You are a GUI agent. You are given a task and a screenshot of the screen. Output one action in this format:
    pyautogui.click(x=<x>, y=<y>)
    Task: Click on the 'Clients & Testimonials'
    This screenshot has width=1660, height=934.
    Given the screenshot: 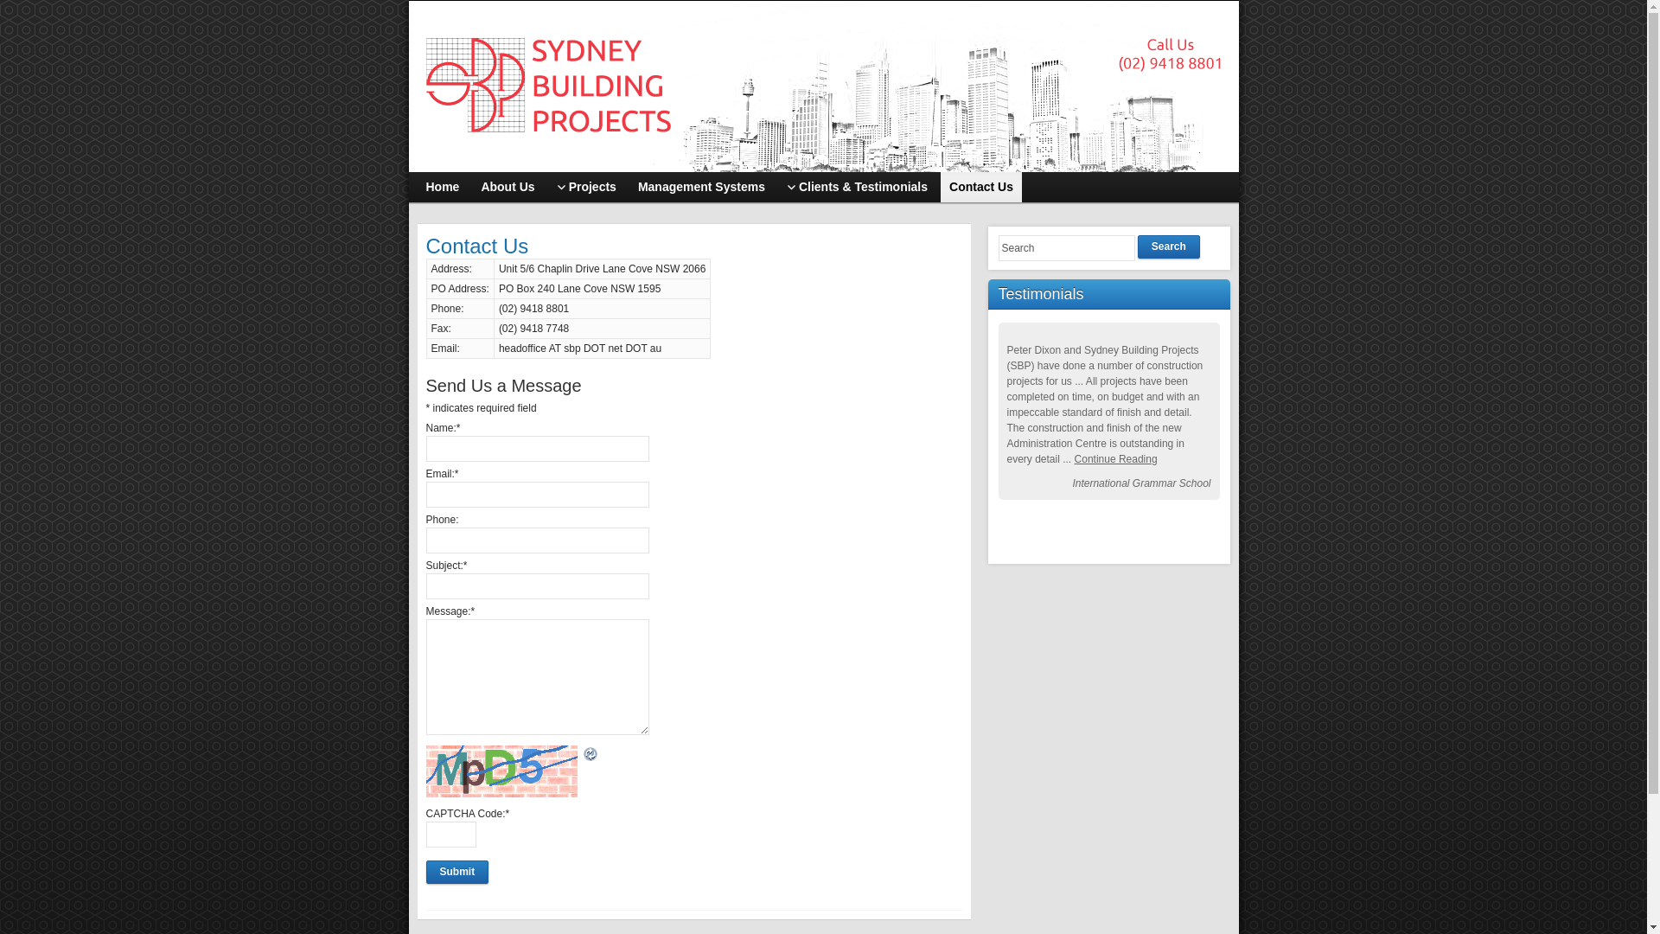 What is the action you would take?
    pyautogui.click(x=857, y=187)
    